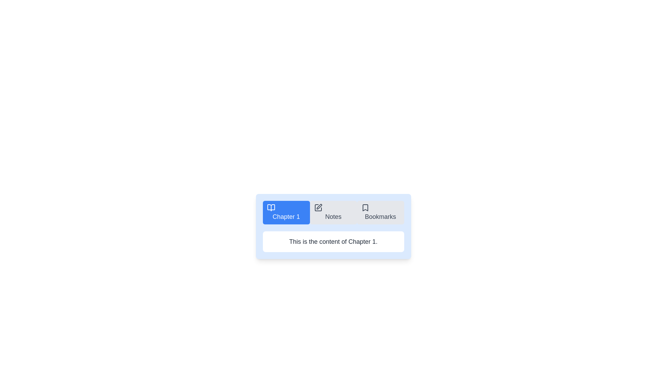  What do you see at coordinates (333, 212) in the screenshot?
I see `the Notes tab by clicking on its button` at bounding box center [333, 212].